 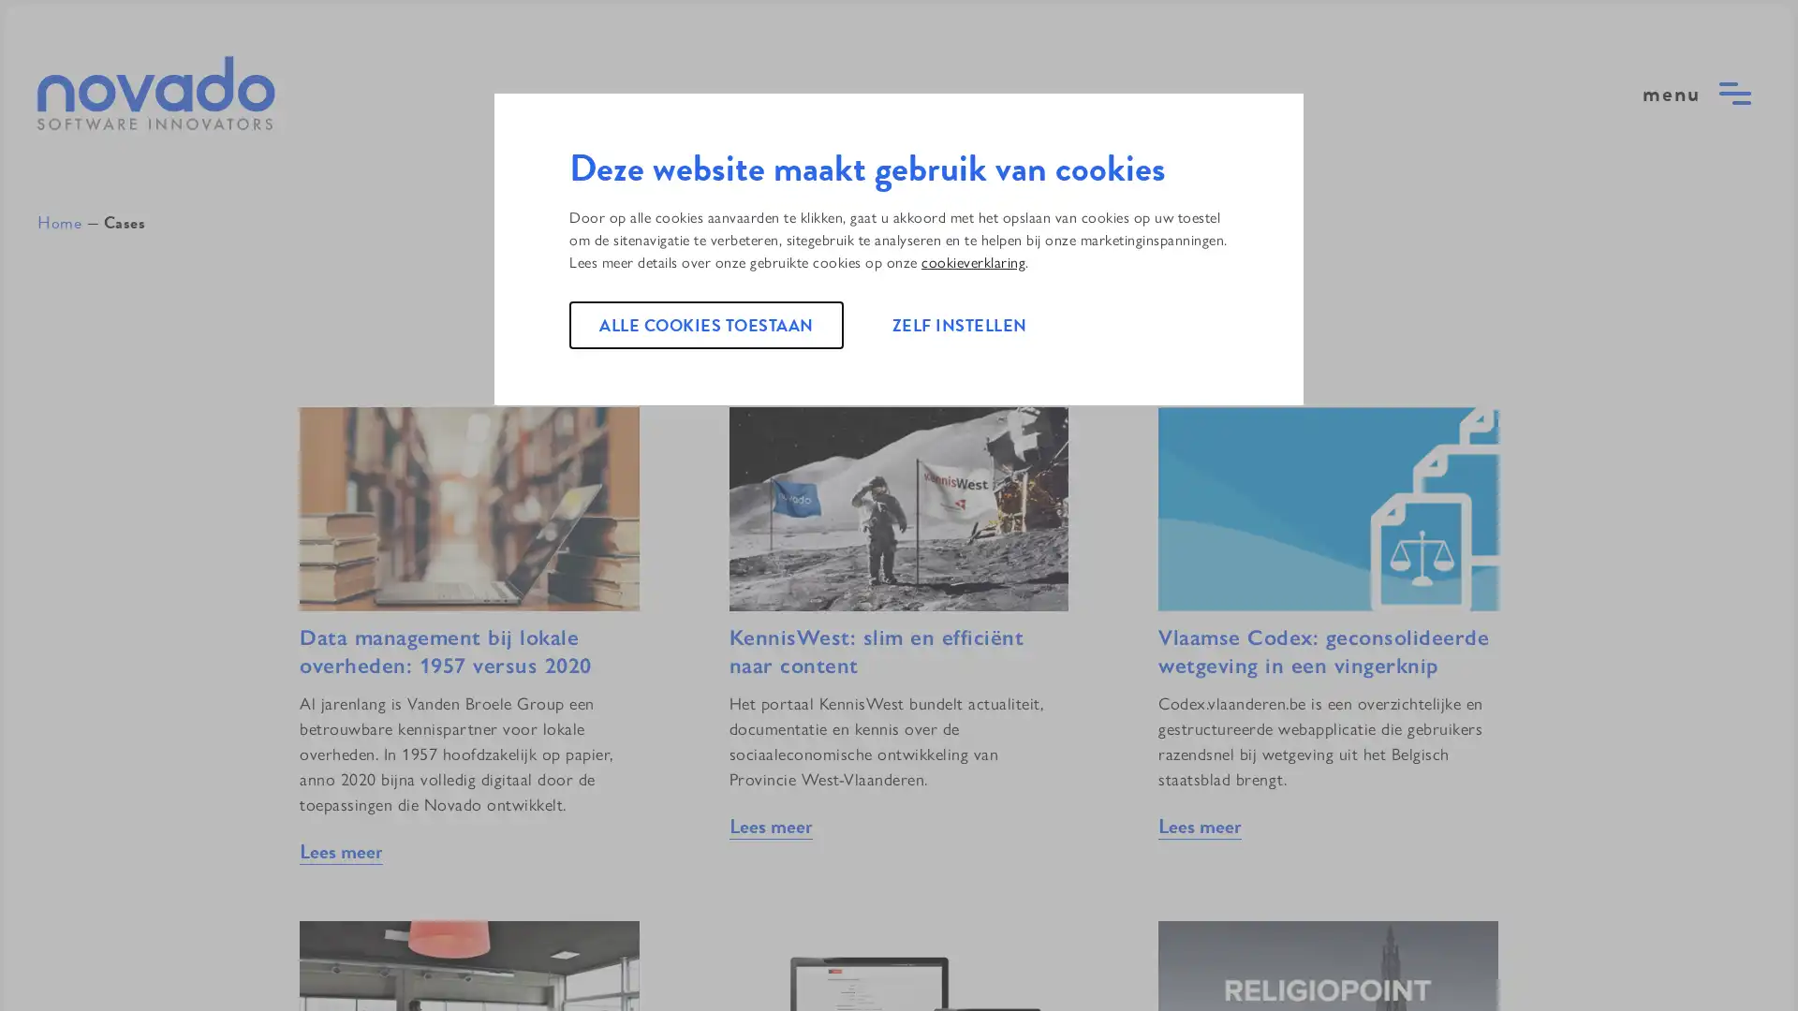 What do you see at coordinates (704, 324) in the screenshot?
I see `ALLE COOKIES TOESTAAN` at bounding box center [704, 324].